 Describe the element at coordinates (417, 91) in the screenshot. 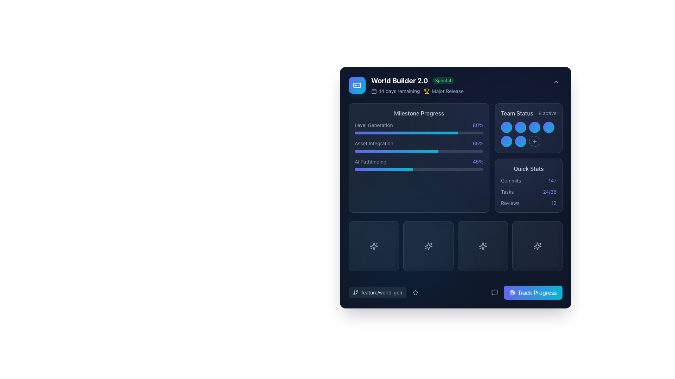

I see `the informational label displaying '14 days remaining' with calendar and 'Major Release' with trophy icons, located below the 'World Builder 2.0' header` at that location.